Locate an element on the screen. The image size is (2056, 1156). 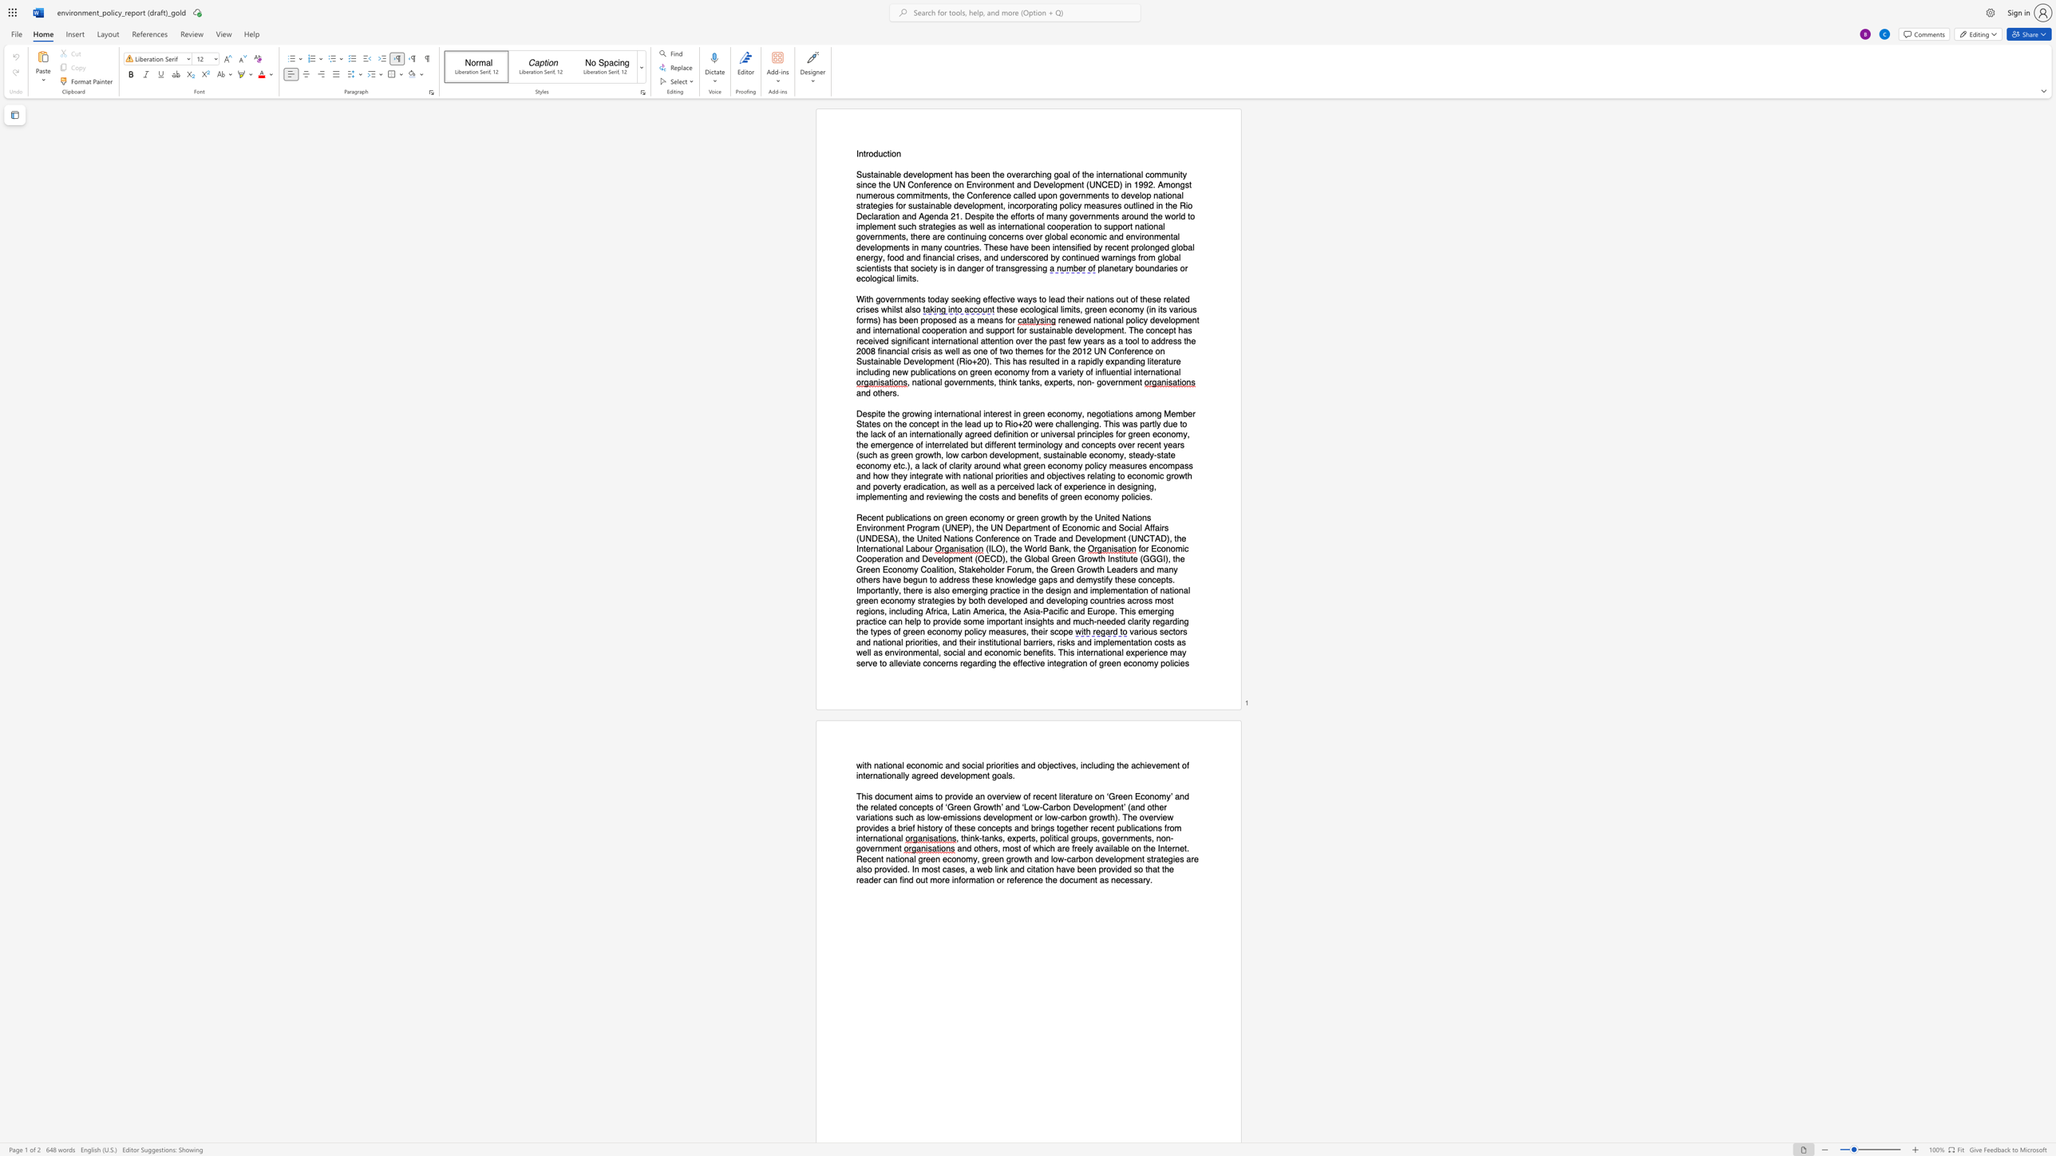
the subset text "financ" within the text "financial crisis" is located at coordinates (877, 351).